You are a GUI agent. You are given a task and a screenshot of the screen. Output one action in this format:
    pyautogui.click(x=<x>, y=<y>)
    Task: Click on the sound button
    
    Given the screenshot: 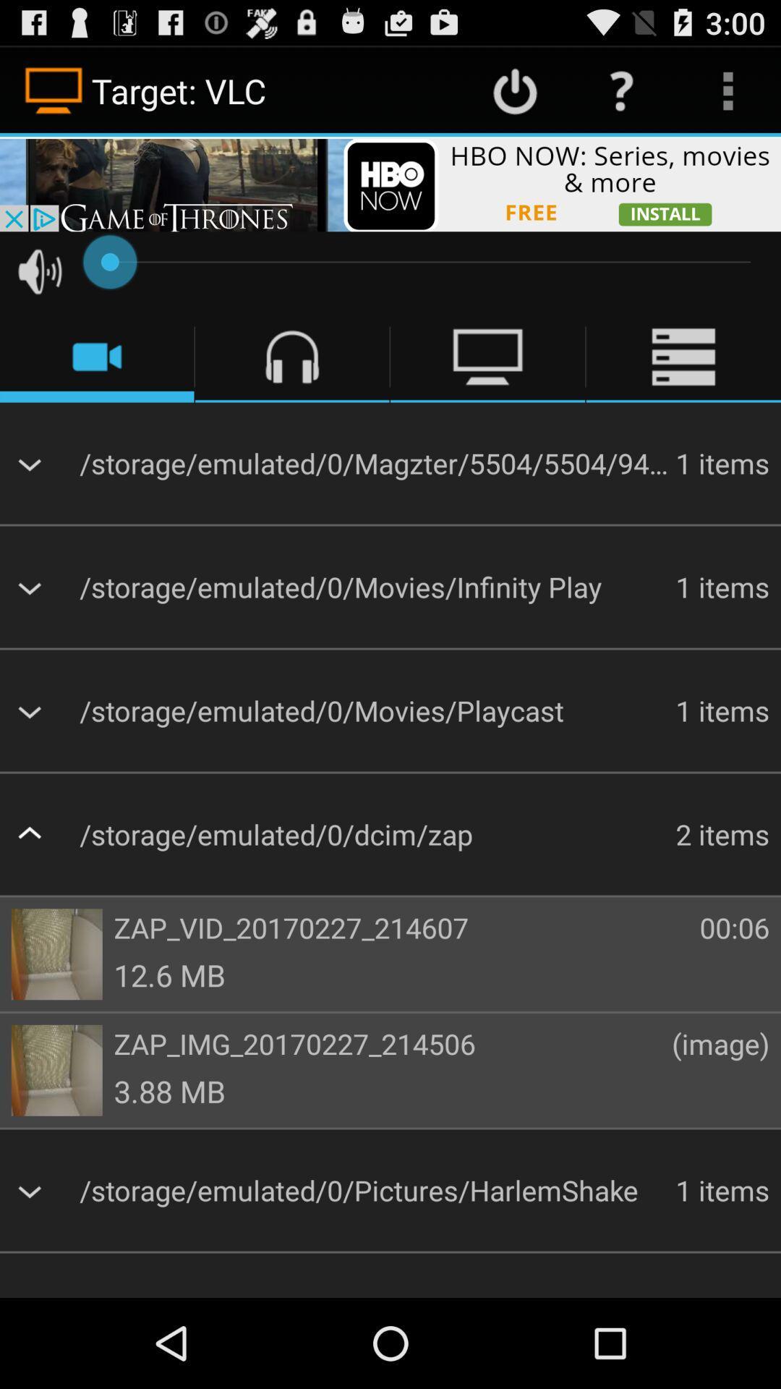 What is the action you would take?
    pyautogui.click(x=39, y=271)
    